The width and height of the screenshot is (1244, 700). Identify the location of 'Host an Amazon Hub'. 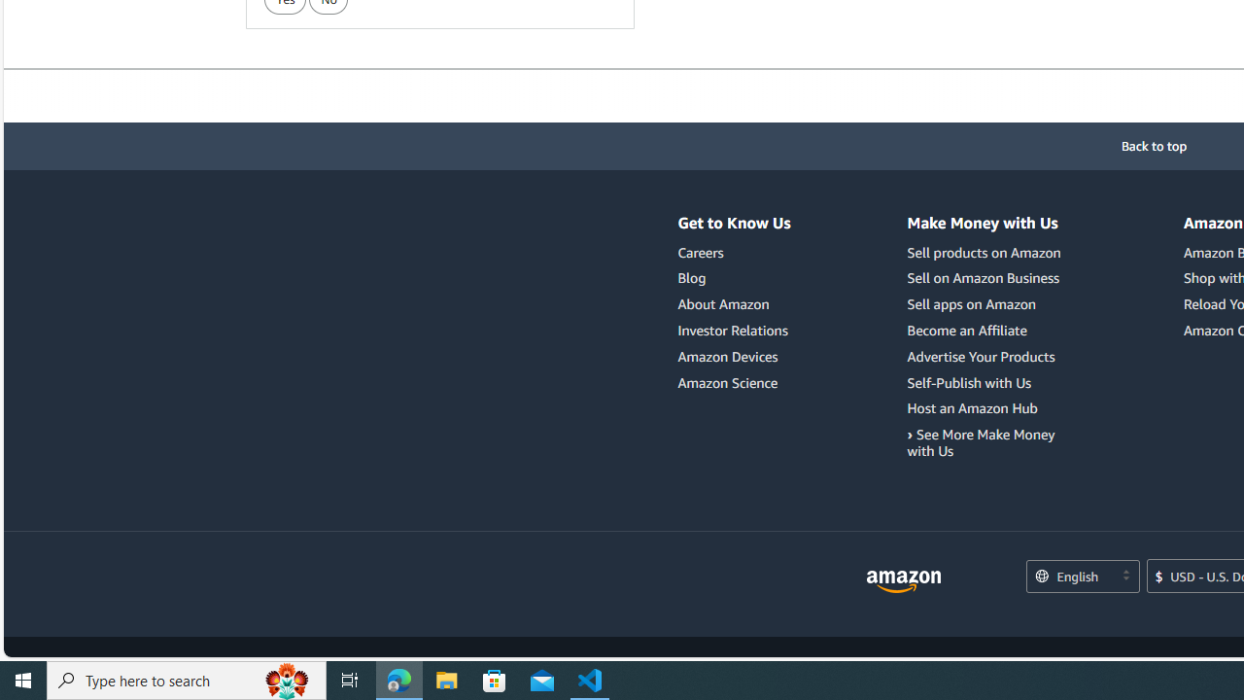
(972, 407).